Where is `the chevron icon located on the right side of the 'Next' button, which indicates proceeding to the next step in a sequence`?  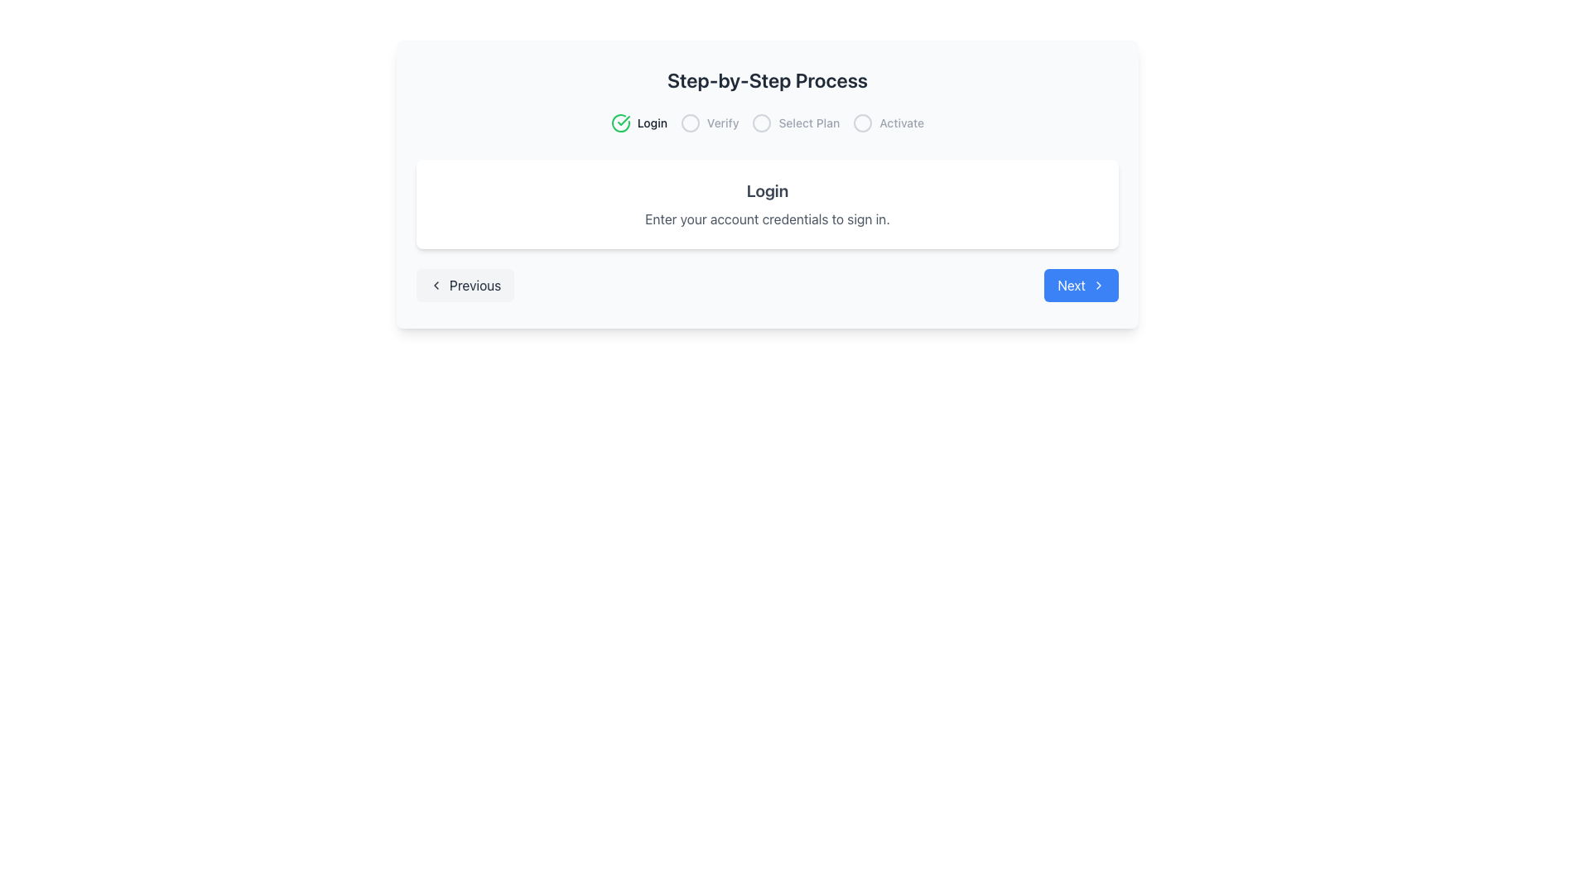
the chevron icon located on the right side of the 'Next' button, which indicates proceeding to the next step in a sequence is located at coordinates (1098, 284).